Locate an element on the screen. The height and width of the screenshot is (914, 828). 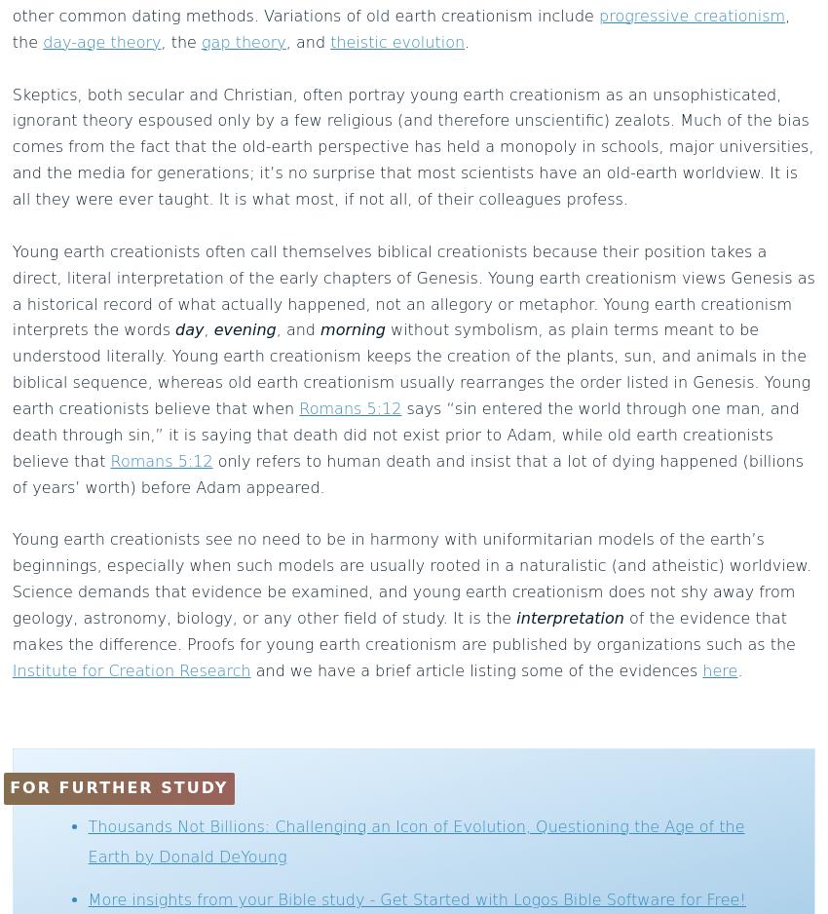
'morning' is located at coordinates (320, 329).